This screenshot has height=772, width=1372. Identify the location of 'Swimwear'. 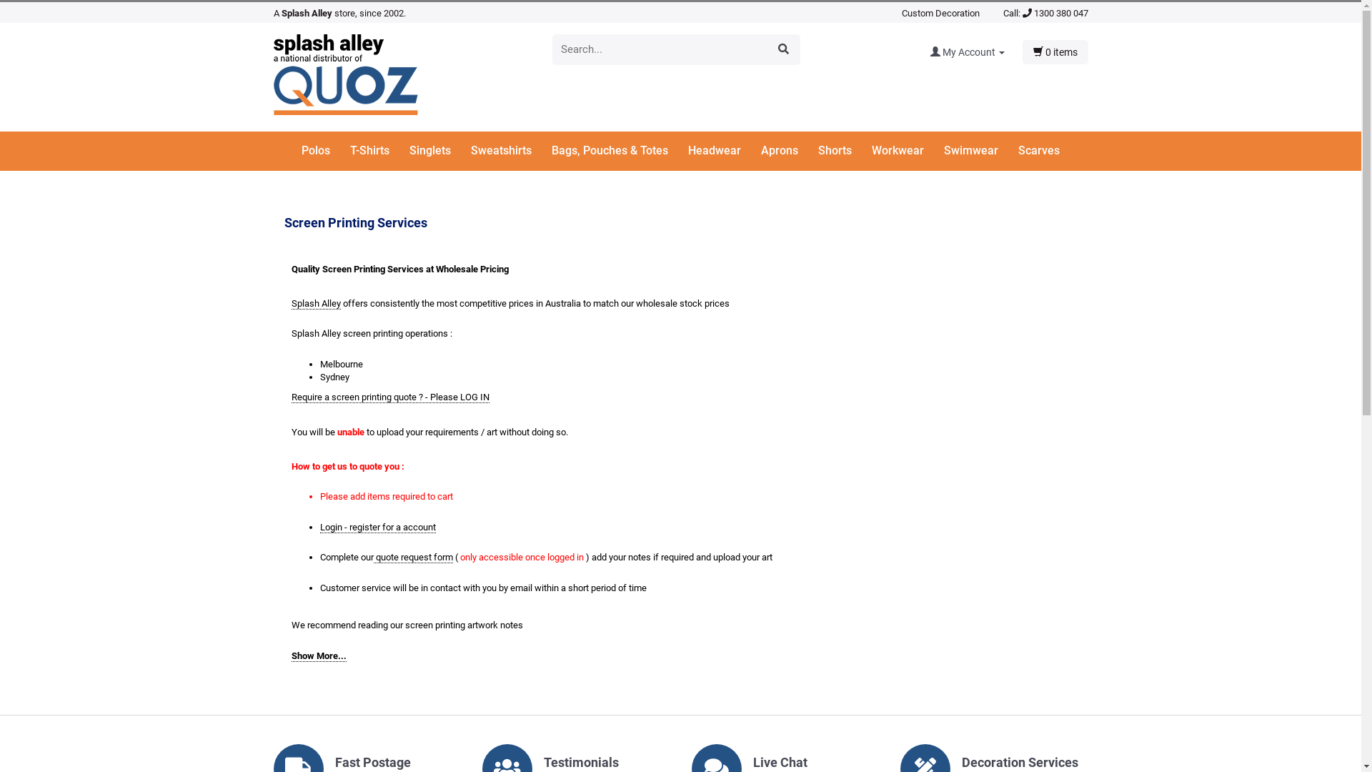
(979, 151).